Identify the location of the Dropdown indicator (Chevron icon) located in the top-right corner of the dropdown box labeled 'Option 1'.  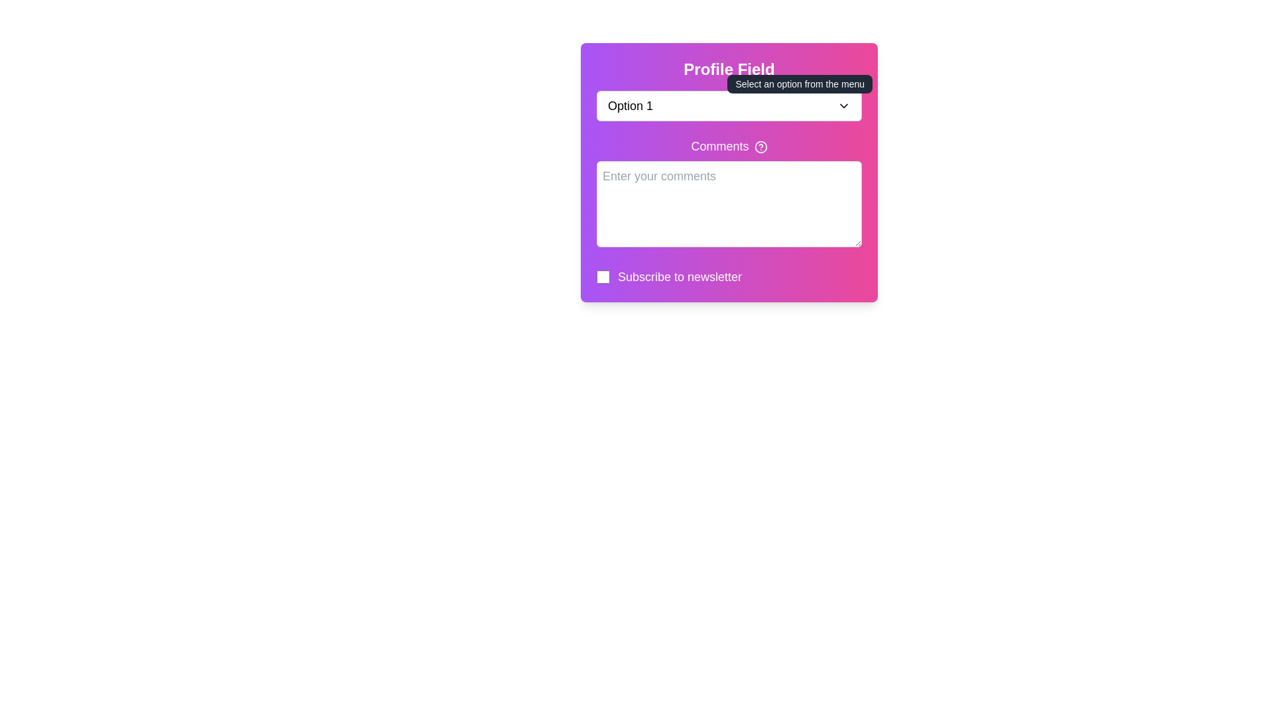
(843, 105).